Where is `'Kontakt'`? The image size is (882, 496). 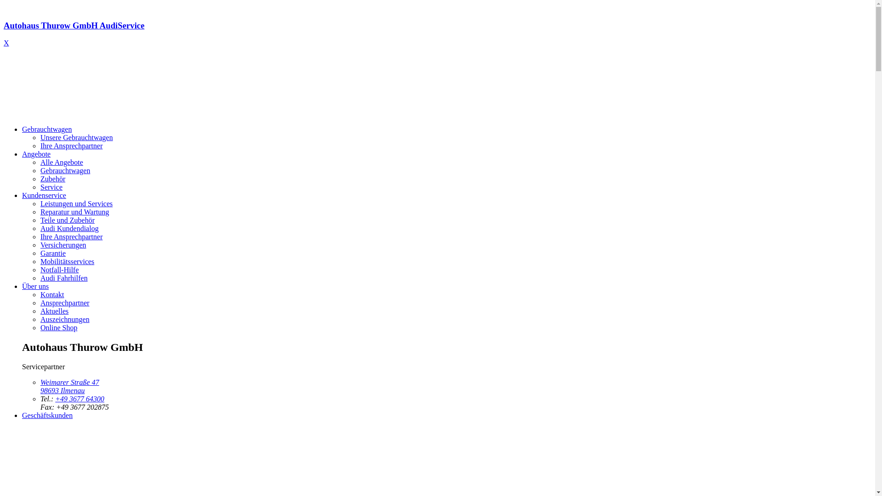 'Kontakt' is located at coordinates (52, 294).